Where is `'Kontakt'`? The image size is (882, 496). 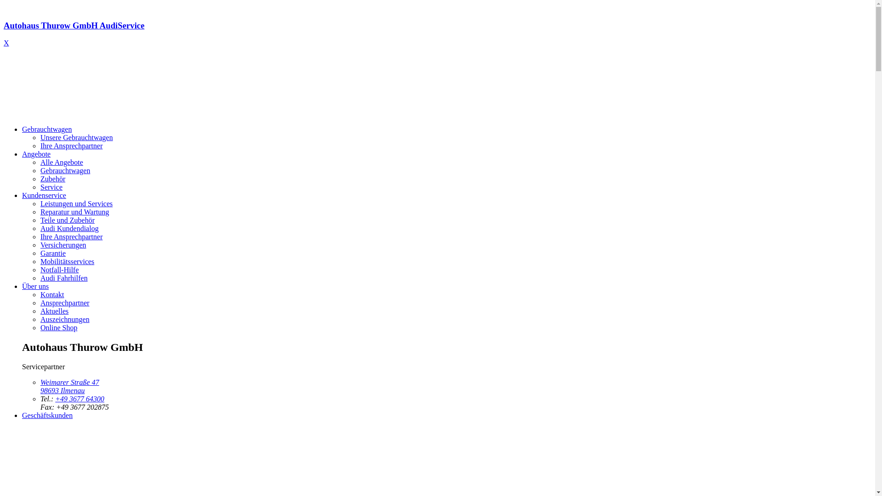 'Kontakt' is located at coordinates (52, 294).